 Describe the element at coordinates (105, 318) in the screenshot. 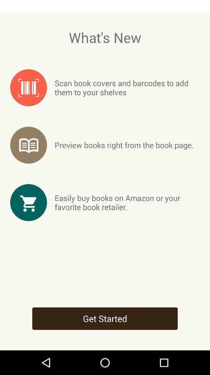

I see `the get started` at that location.